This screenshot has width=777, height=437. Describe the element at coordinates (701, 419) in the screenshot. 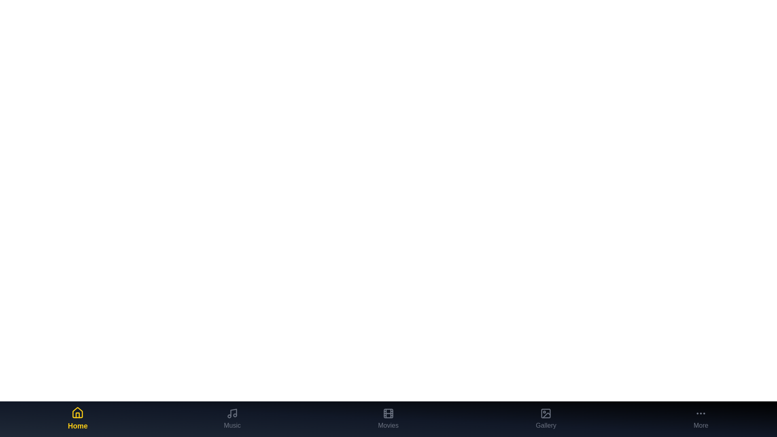

I see `the More tab in the bottom navigation bar` at that location.